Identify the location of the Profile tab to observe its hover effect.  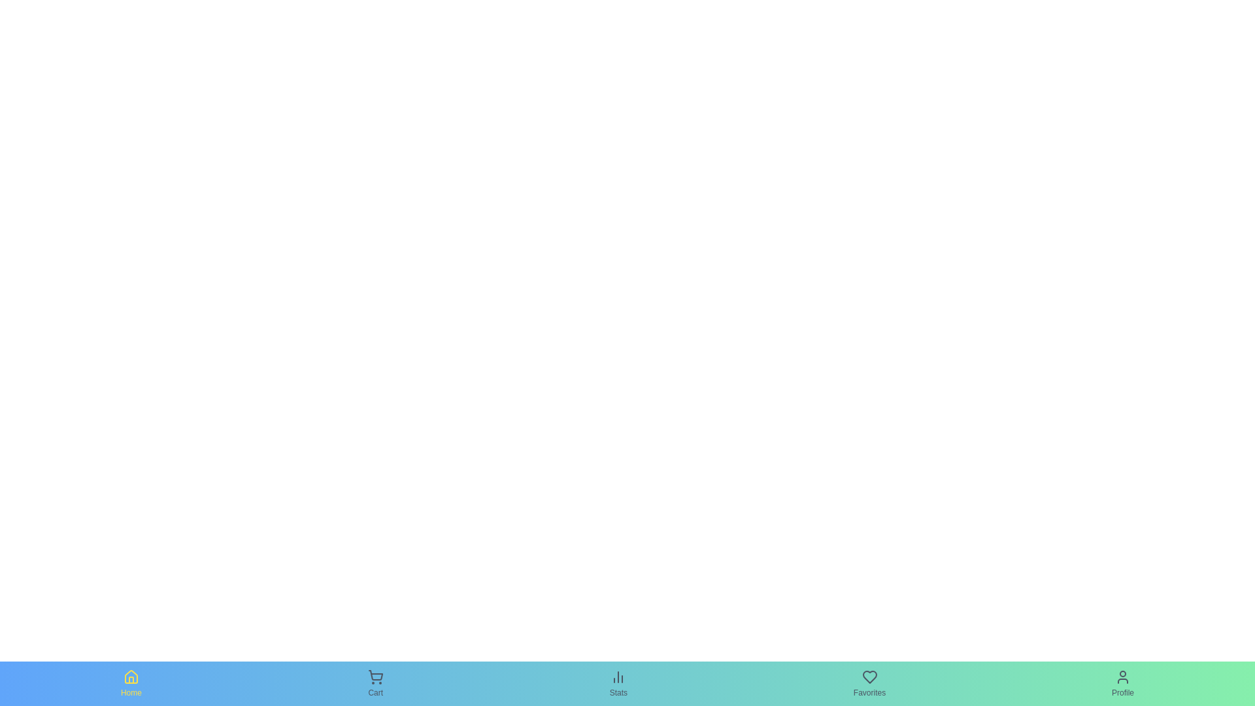
(1122, 682).